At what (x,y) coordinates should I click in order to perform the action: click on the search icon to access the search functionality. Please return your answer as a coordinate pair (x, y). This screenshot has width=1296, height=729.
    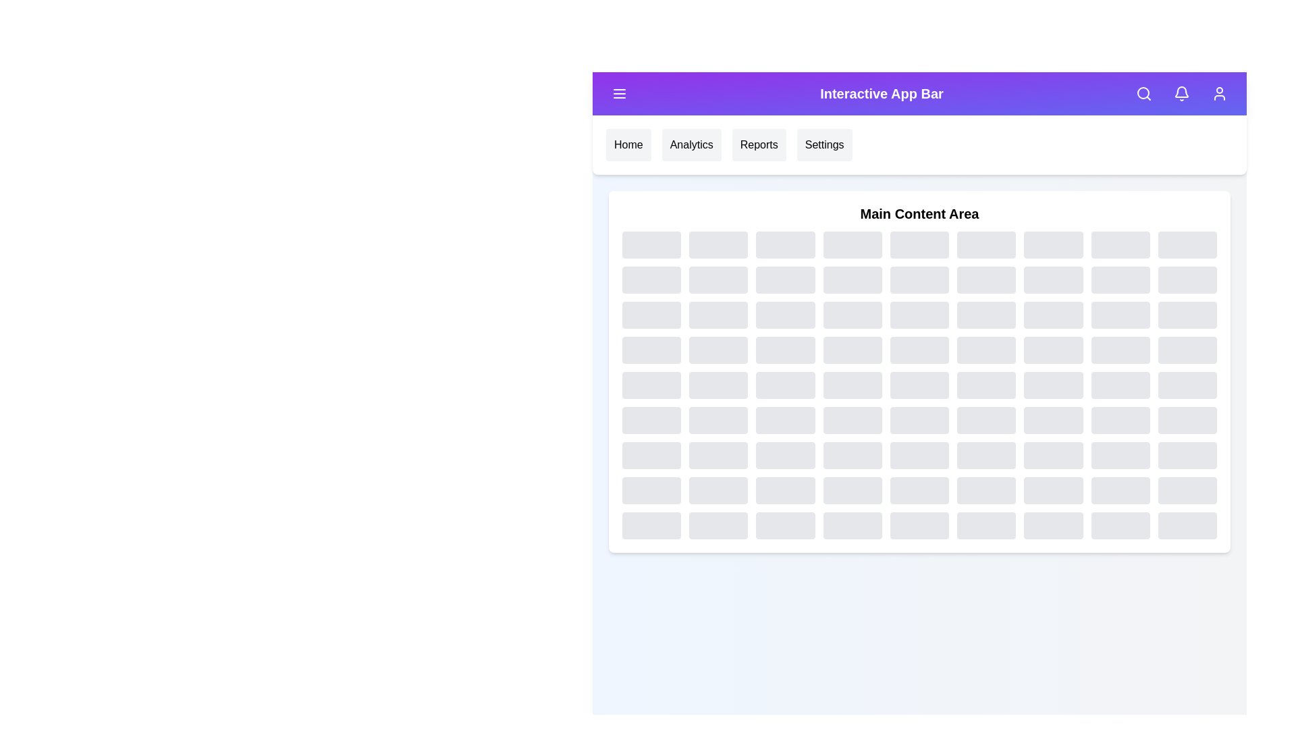
    Looking at the image, I should click on (1143, 92).